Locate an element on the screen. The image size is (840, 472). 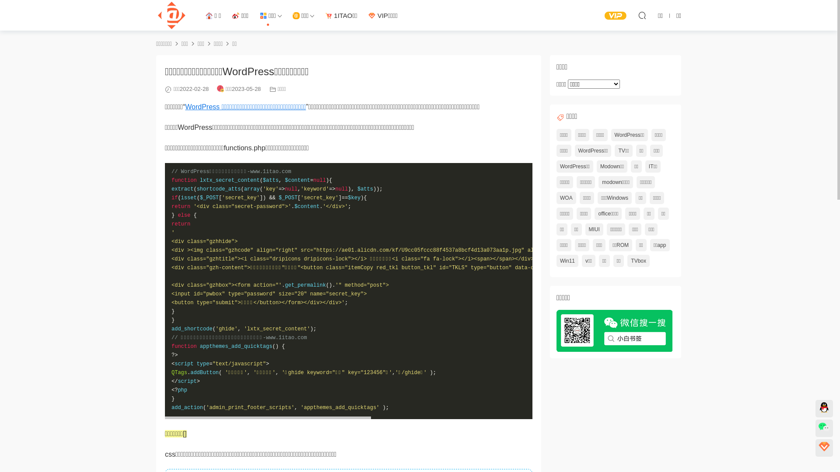
'TVbox' is located at coordinates (627, 260).